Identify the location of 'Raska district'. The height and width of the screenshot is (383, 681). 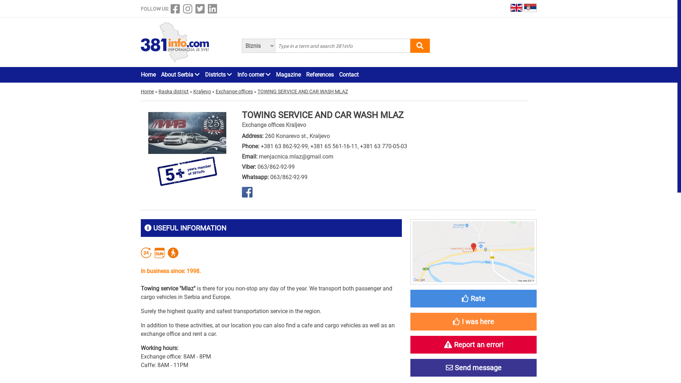
(173, 91).